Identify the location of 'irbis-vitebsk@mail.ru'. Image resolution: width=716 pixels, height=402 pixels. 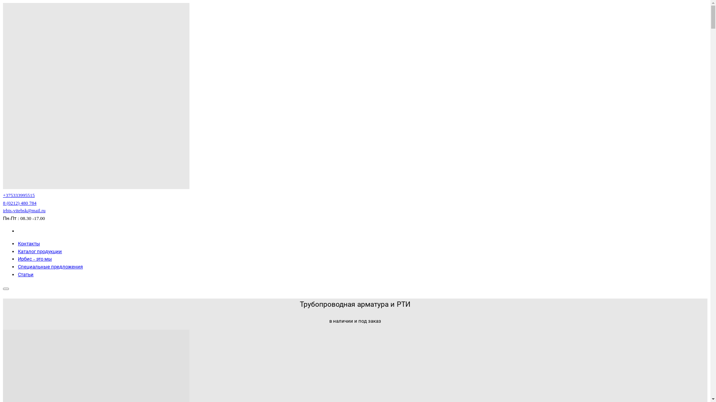
(24, 210).